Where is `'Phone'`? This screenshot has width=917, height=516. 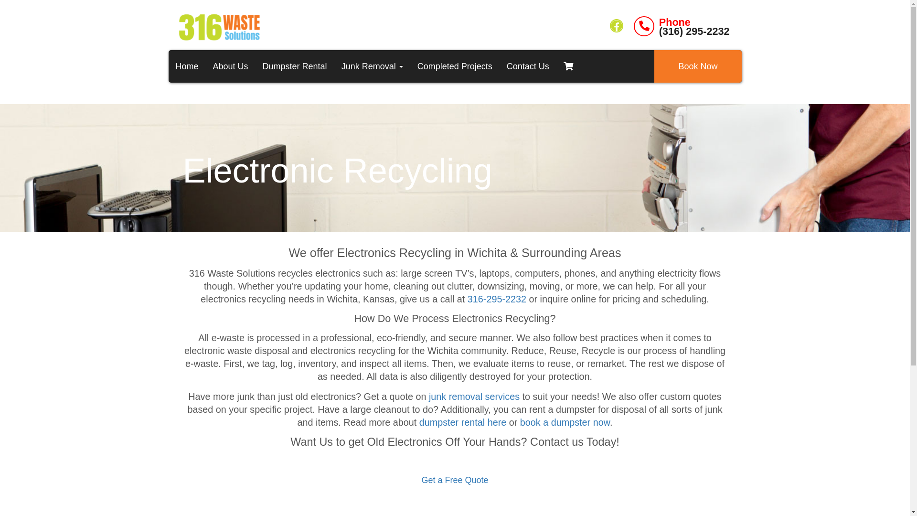 'Phone' is located at coordinates (659, 21).